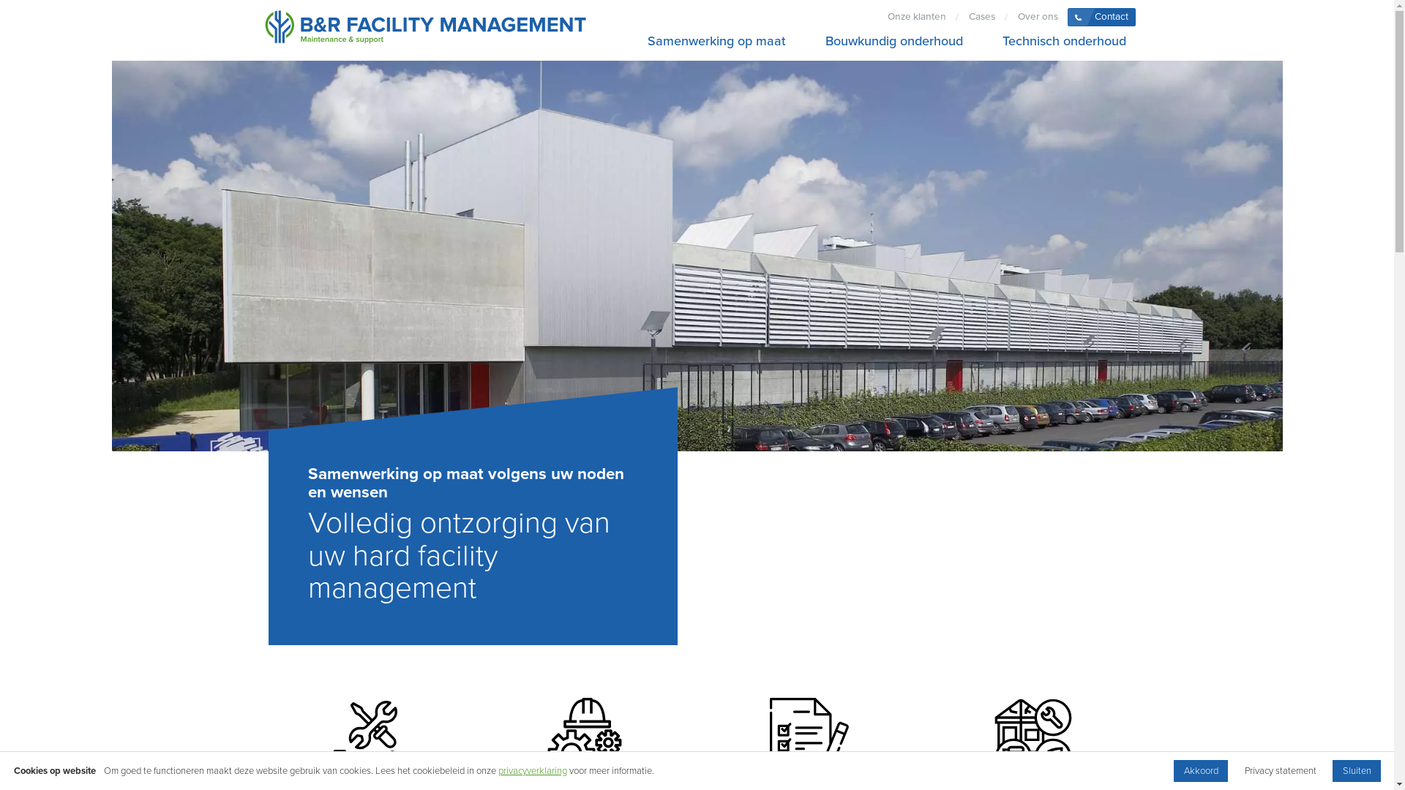 This screenshot has height=790, width=1405. Describe the element at coordinates (981, 17) in the screenshot. I see `'Cases'` at that location.